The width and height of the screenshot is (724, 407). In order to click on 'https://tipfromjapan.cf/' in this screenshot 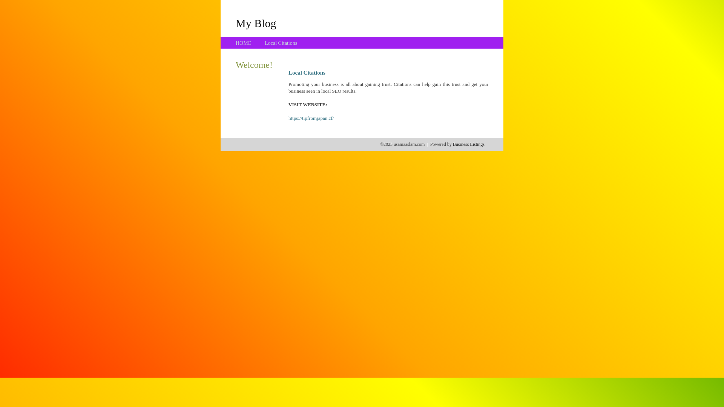, I will do `click(311, 118)`.